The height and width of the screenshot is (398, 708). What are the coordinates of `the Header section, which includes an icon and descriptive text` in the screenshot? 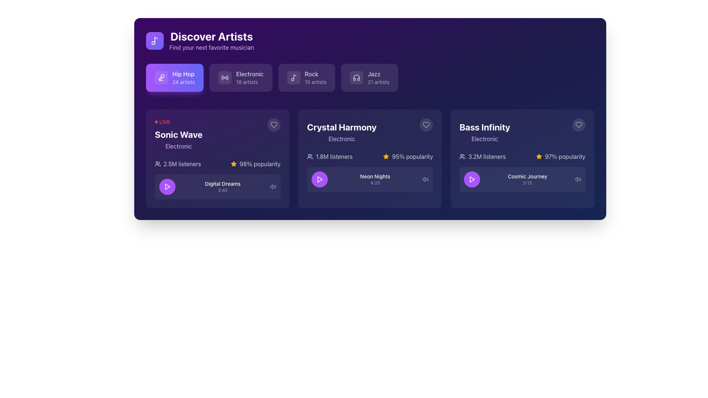 It's located at (200, 41).